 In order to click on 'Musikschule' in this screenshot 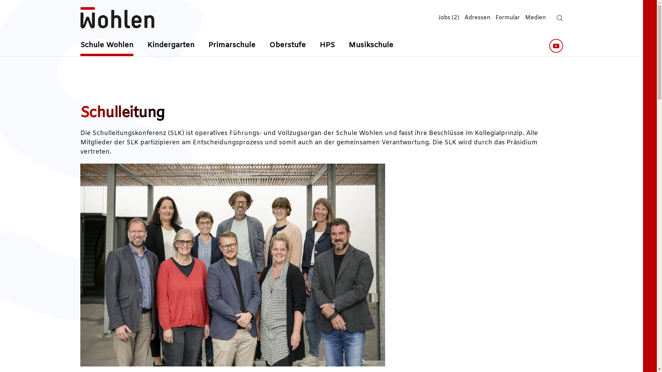, I will do `click(370, 45)`.